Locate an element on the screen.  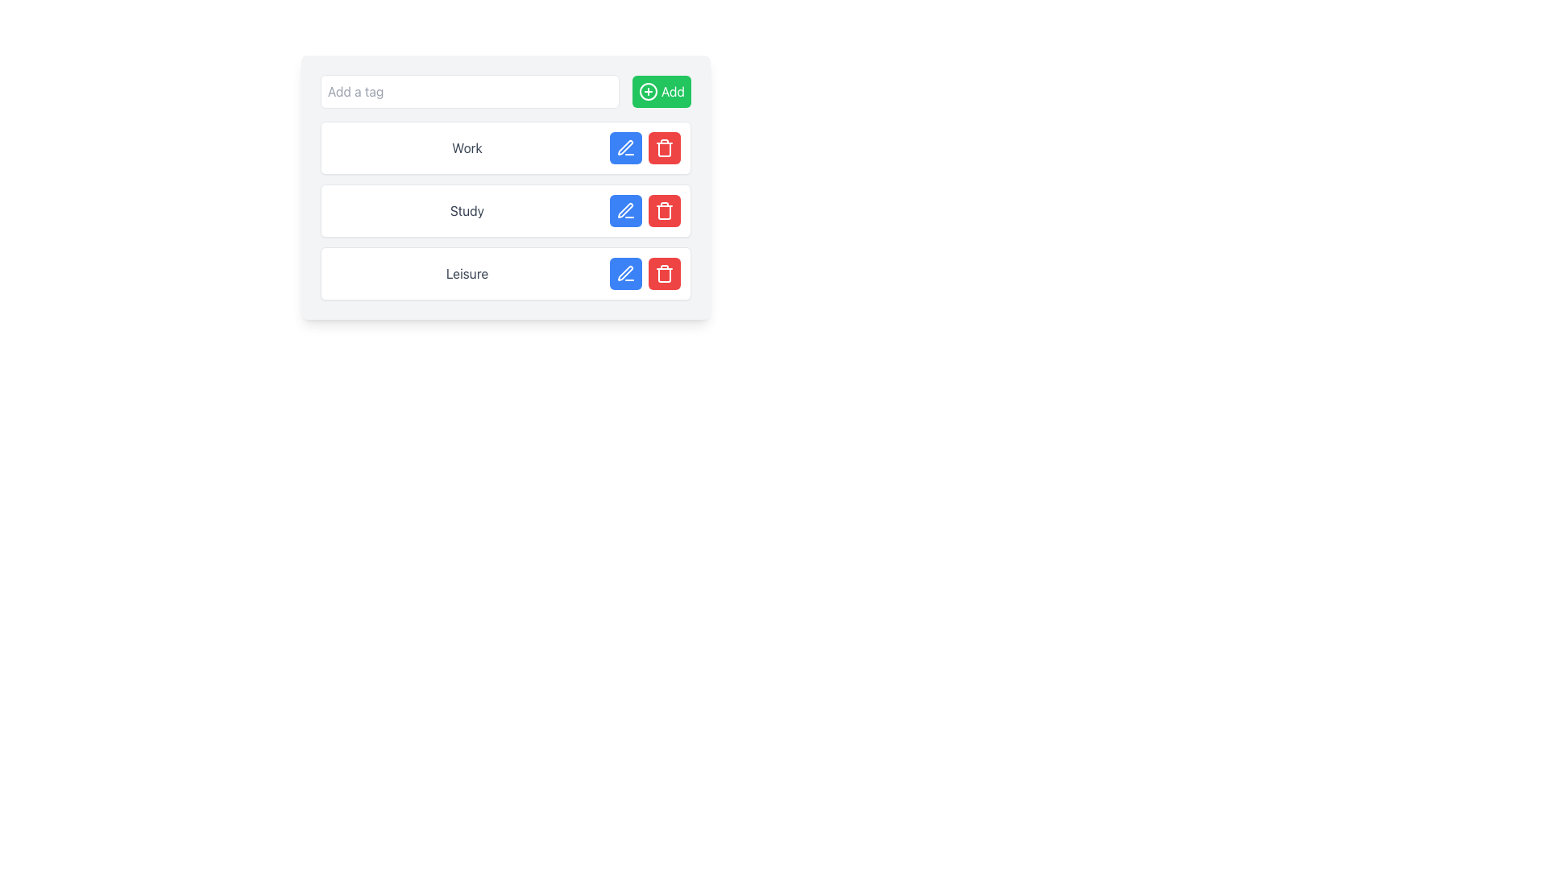
the rectangular 'Add' button with a green background and white text located at the top right corner of the row is located at coordinates (662, 92).